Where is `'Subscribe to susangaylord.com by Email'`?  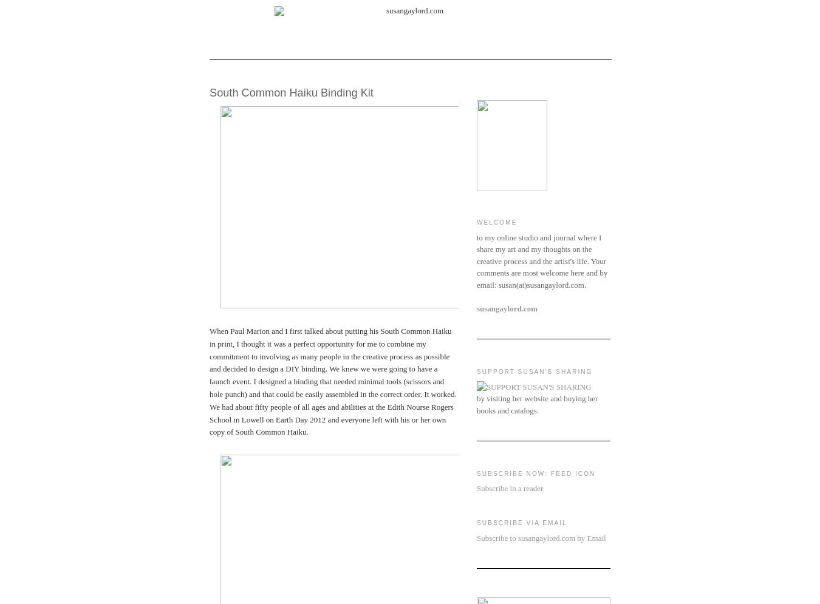 'Subscribe to susangaylord.com by Email' is located at coordinates (476, 537).